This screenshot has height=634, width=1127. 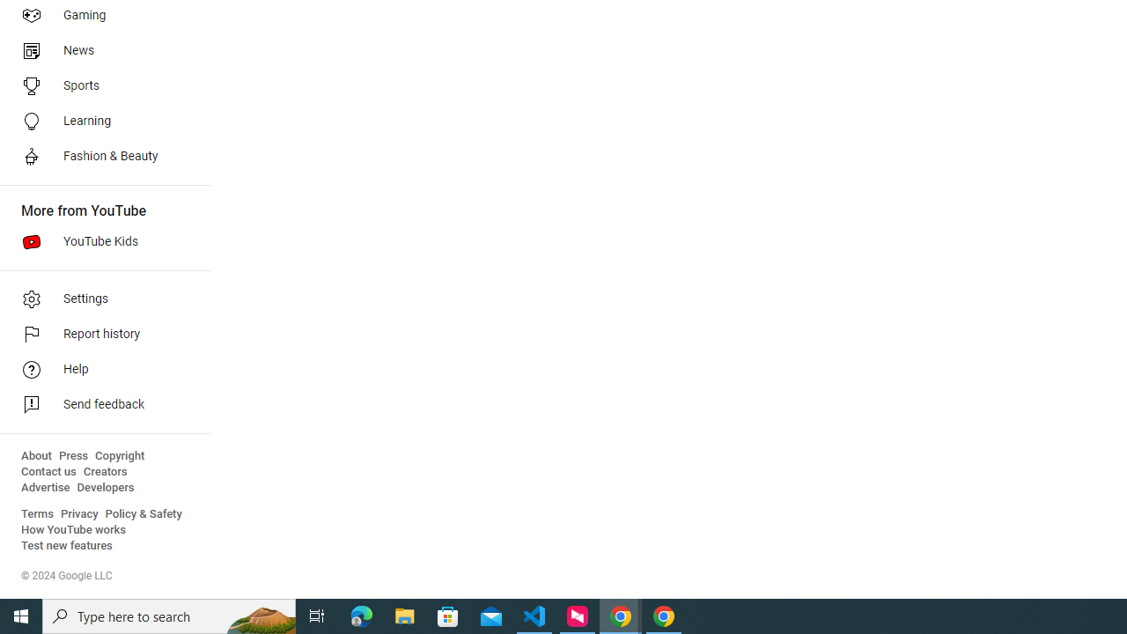 I want to click on 'Help', so click(x=99, y=369).